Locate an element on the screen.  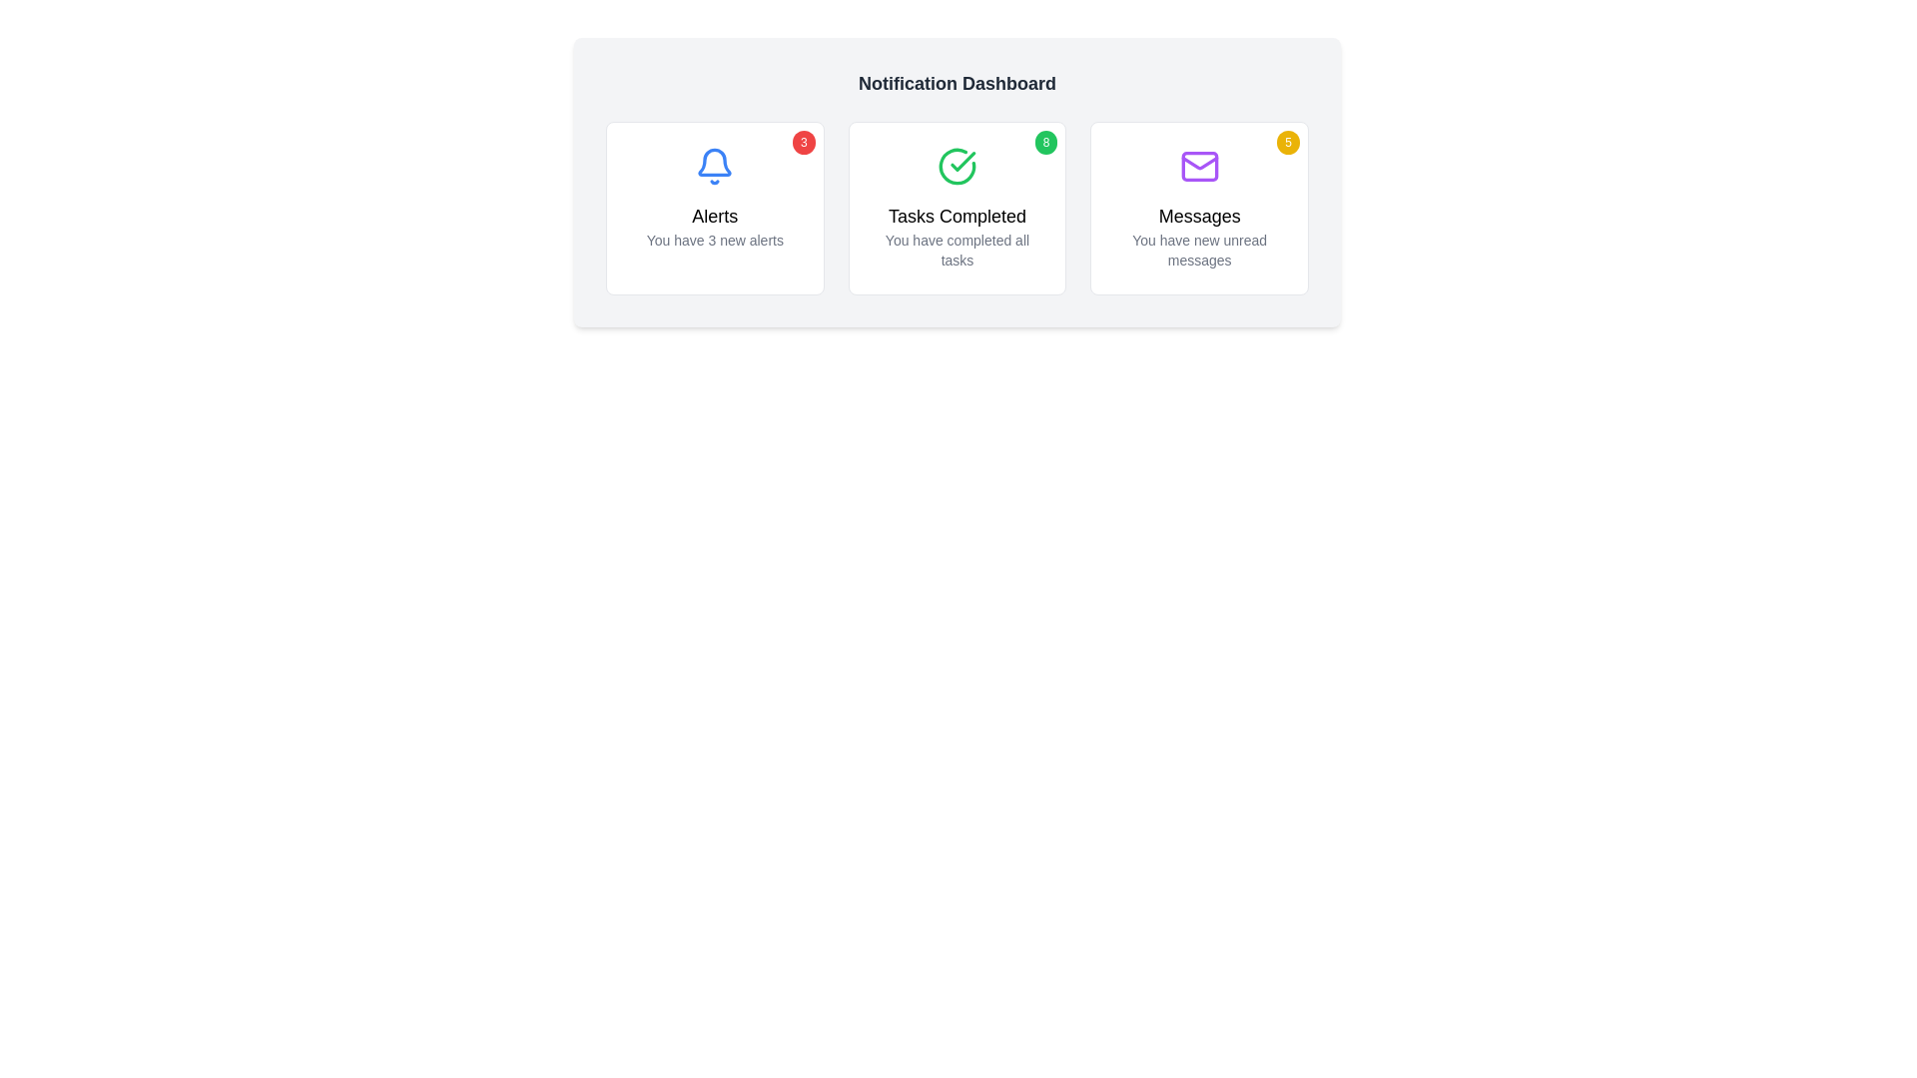
the Text display area that shows information about new unread messages, which is located in the rightmost card of a set of three cards, centered below an icon and badge displaying '5' is located at coordinates (1198, 235).